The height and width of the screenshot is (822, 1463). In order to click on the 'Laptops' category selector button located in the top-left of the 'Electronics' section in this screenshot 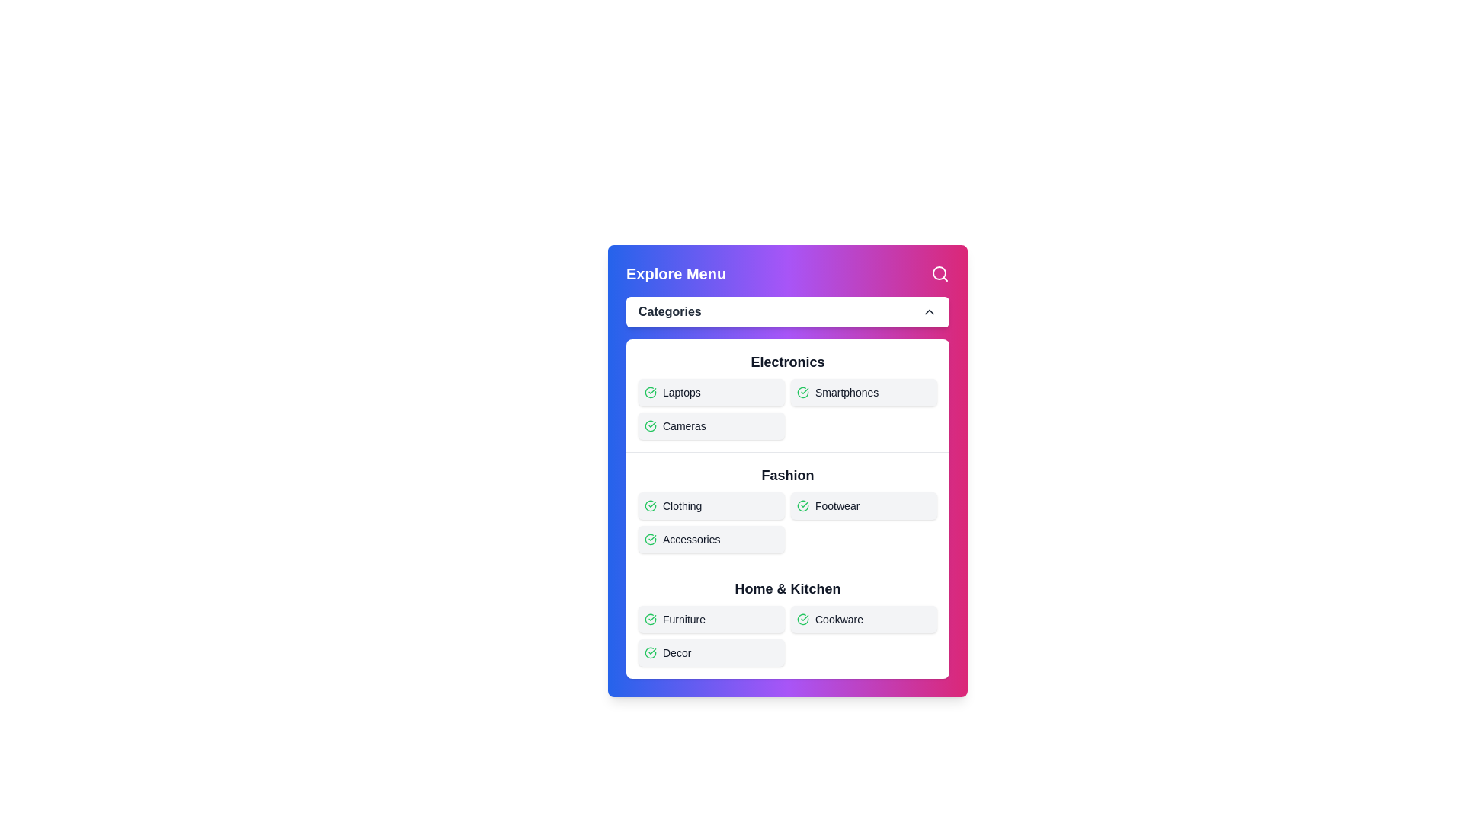, I will do `click(711, 392)`.